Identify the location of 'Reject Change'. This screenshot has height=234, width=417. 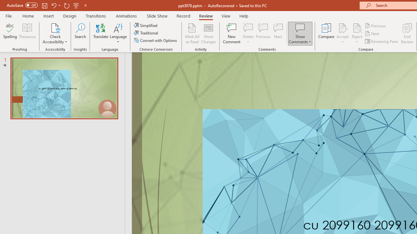
(357, 27).